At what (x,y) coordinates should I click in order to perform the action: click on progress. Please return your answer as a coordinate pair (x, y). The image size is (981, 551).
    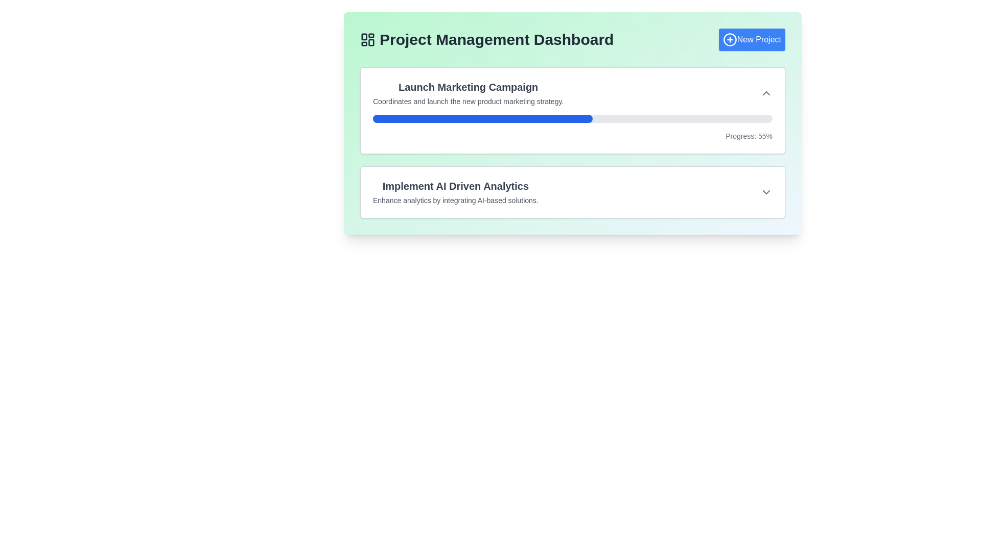
    Looking at the image, I should click on (708, 118).